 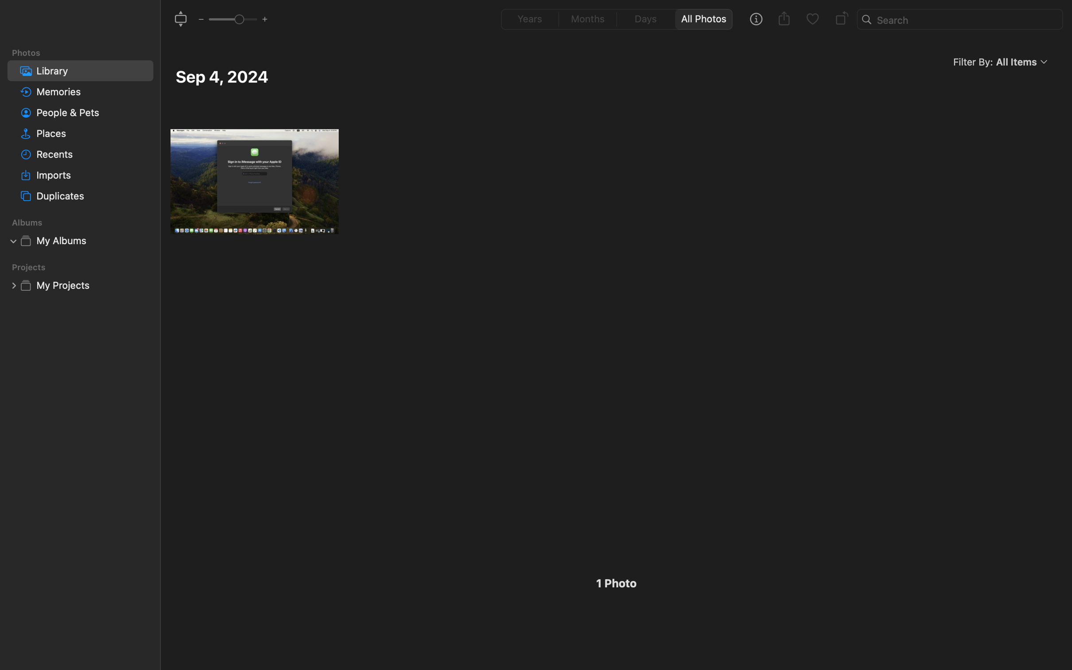 What do you see at coordinates (92, 241) in the screenshot?
I see `'My Albums'` at bounding box center [92, 241].